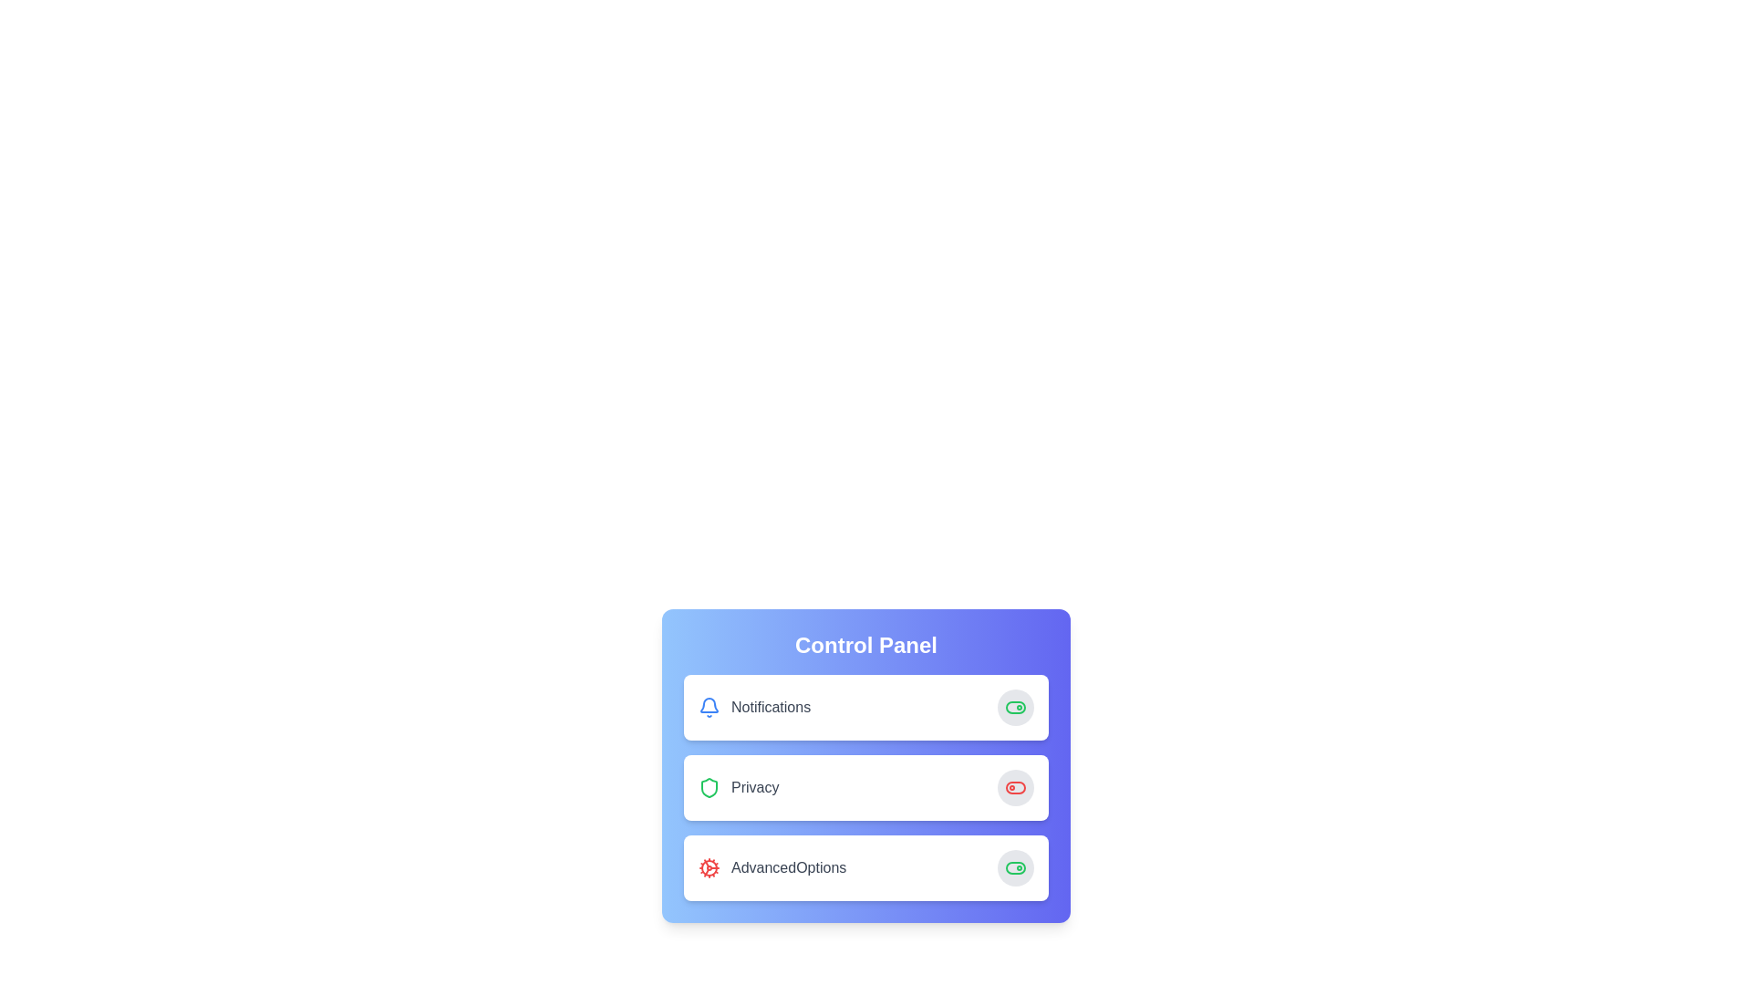  I want to click on the toggle switch for the 'AdvancedOptions' feature, so click(1014, 867).